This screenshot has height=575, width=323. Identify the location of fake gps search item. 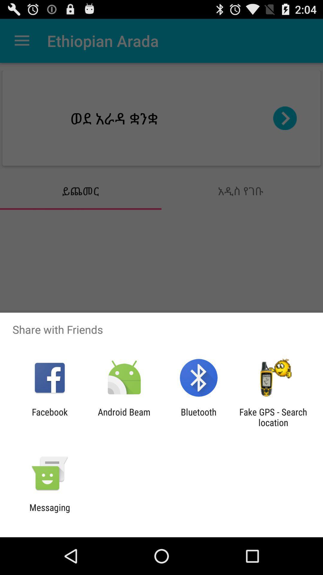
(273, 417).